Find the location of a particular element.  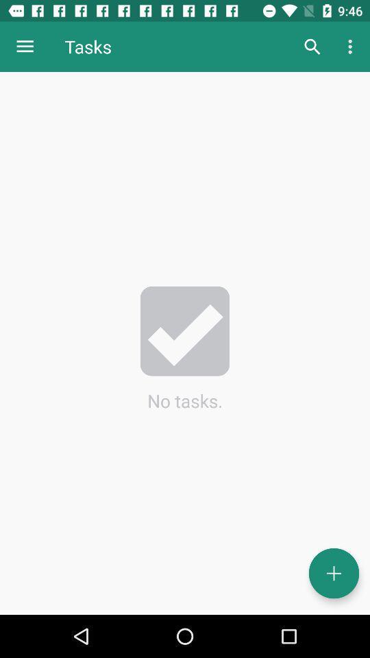

item next to tasks icon is located at coordinates (312, 47).